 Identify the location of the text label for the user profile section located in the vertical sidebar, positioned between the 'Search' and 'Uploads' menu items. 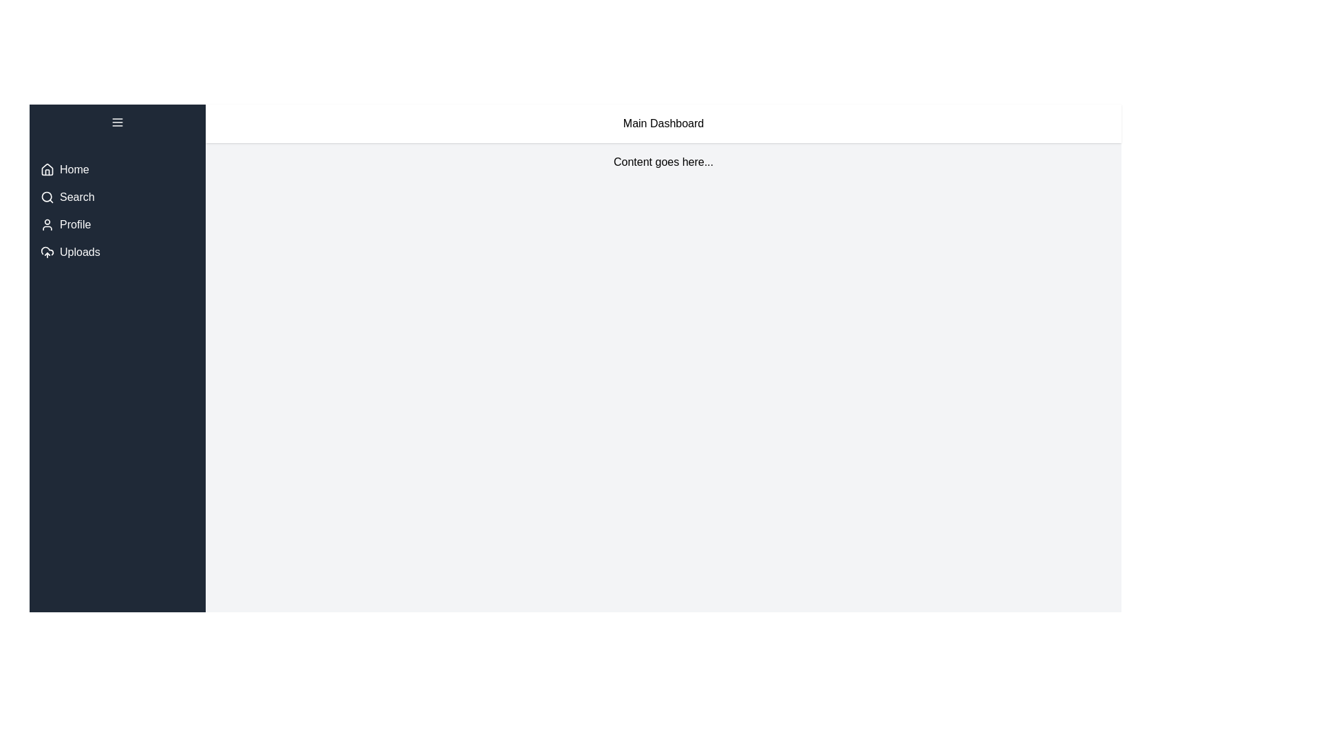
(74, 224).